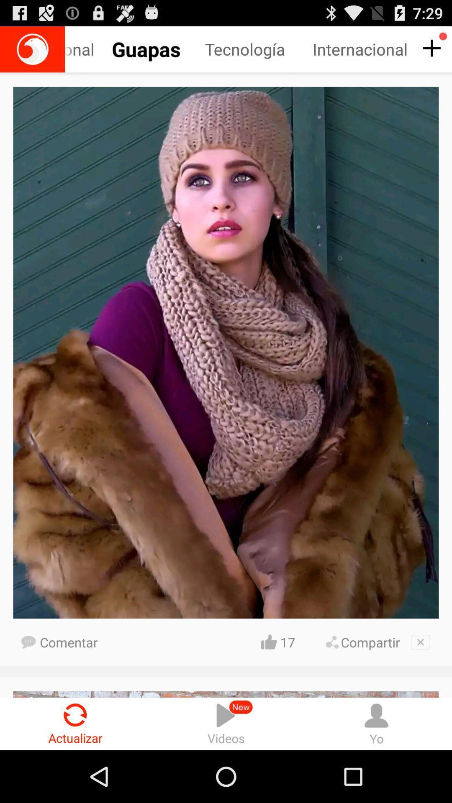 This screenshot has height=803, width=452. Describe the element at coordinates (32, 49) in the screenshot. I see `home` at that location.